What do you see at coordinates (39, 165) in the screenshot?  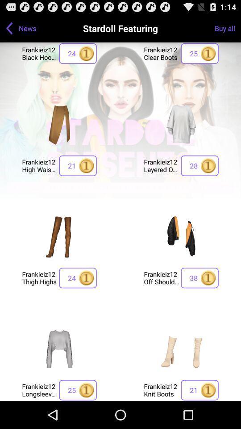 I see `the button next to 21 item` at bounding box center [39, 165].